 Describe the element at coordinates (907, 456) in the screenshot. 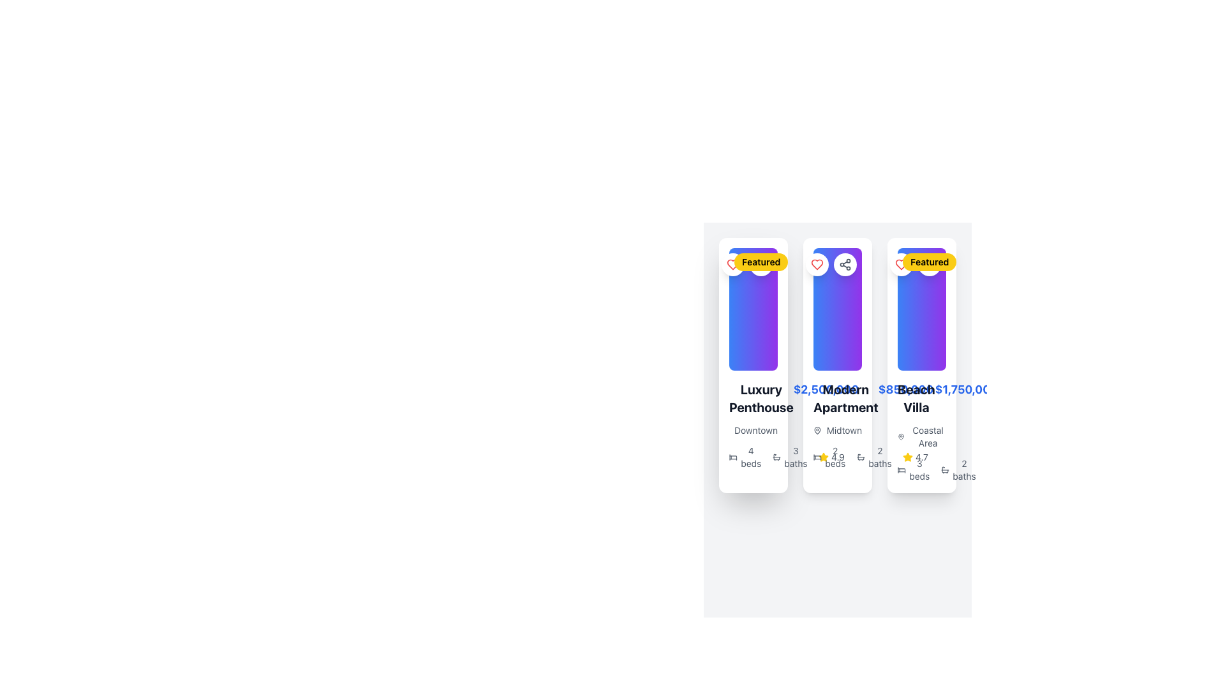

I see `the prominent yellow star icon representing a rating for the 'Beach Villa' property` at that location.